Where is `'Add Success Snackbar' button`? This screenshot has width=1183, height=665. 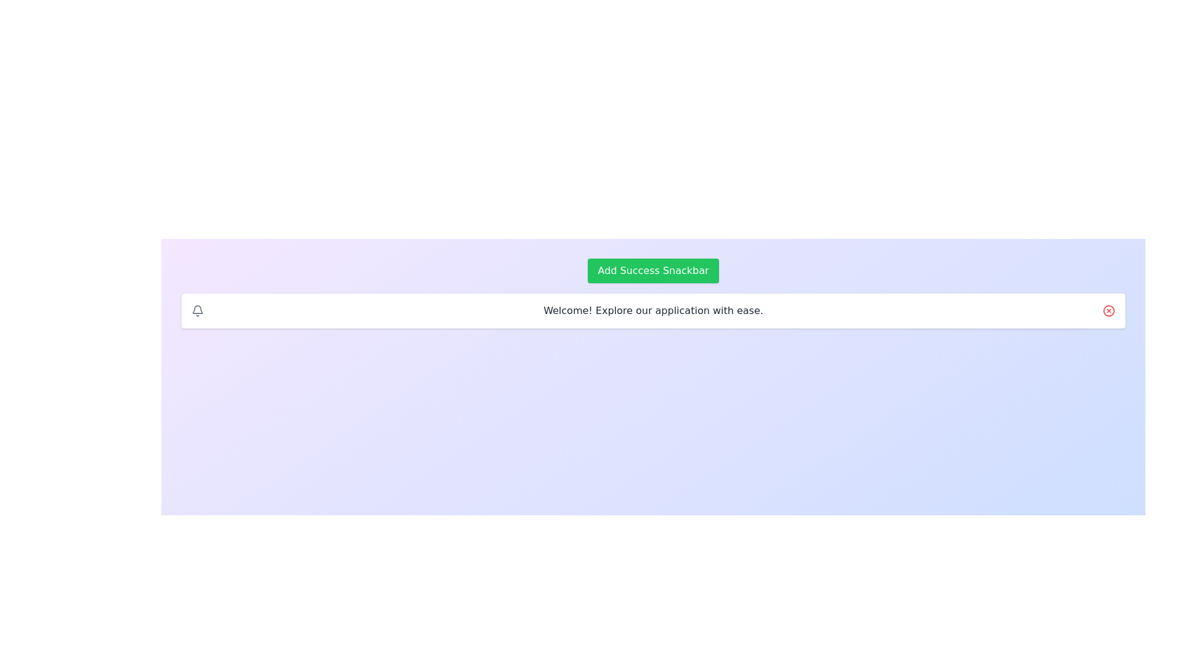 'Add Success Snackbar' button is located at coordinates (652, 270).